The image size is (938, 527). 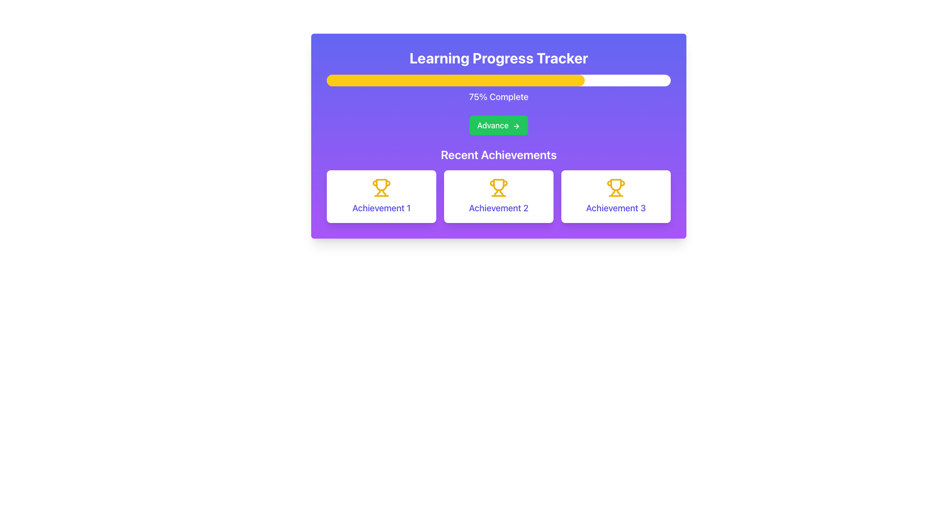 I want to click on title 'Achievement 3' and the gold trophy icon from the information card with a white background and rounded corners, located in the 'Recent Achievements' section, so click(x=616, y=196).